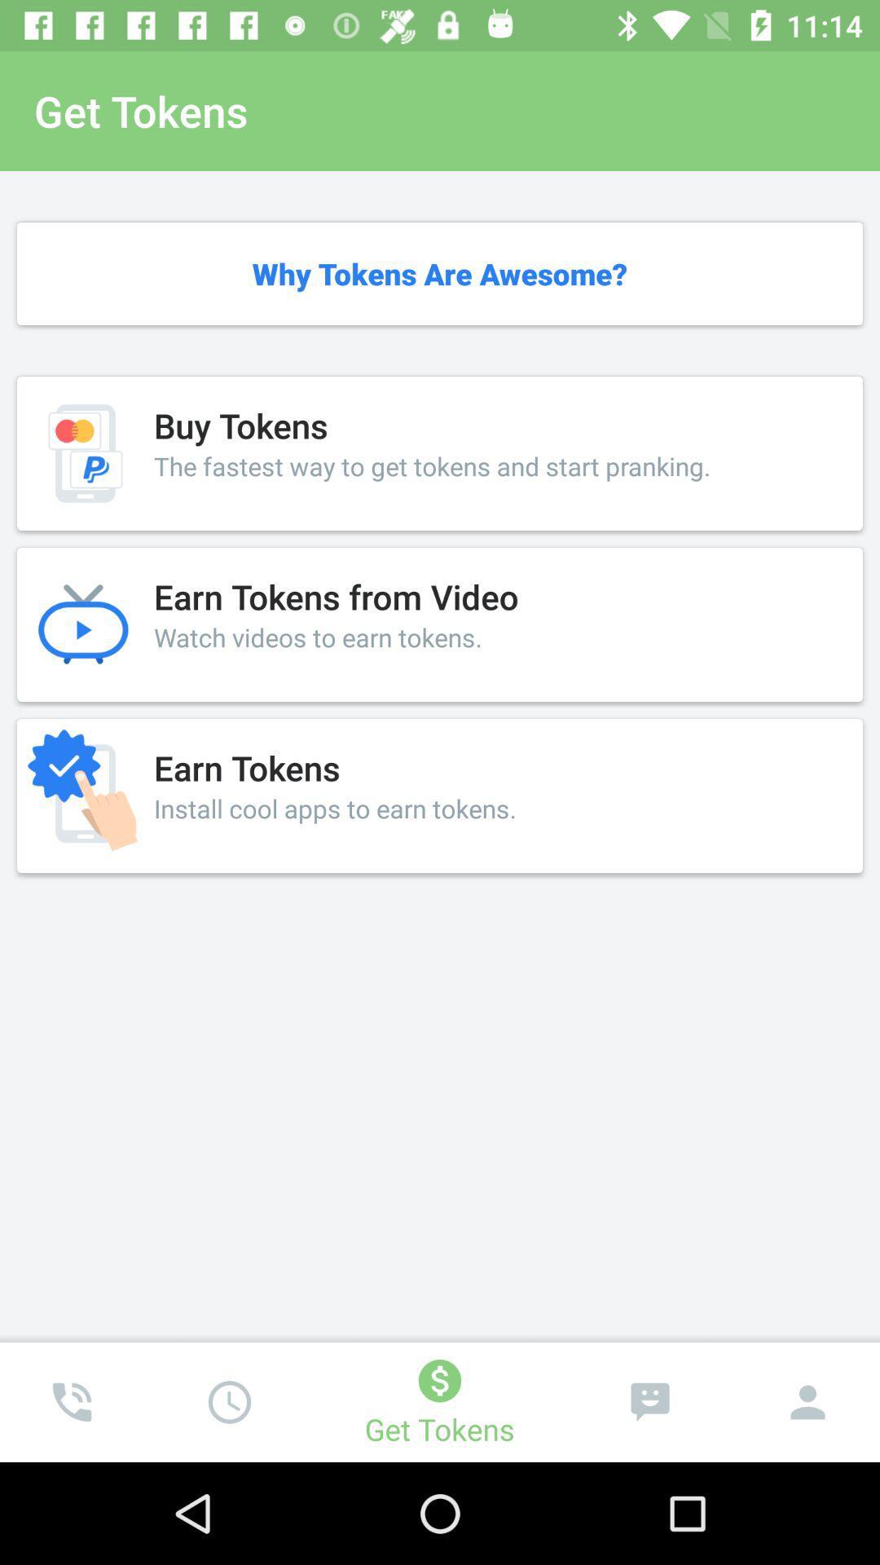 The image size is (880, 1565). I want to click on the box which says earn tokens from videos, so click(440, 624).